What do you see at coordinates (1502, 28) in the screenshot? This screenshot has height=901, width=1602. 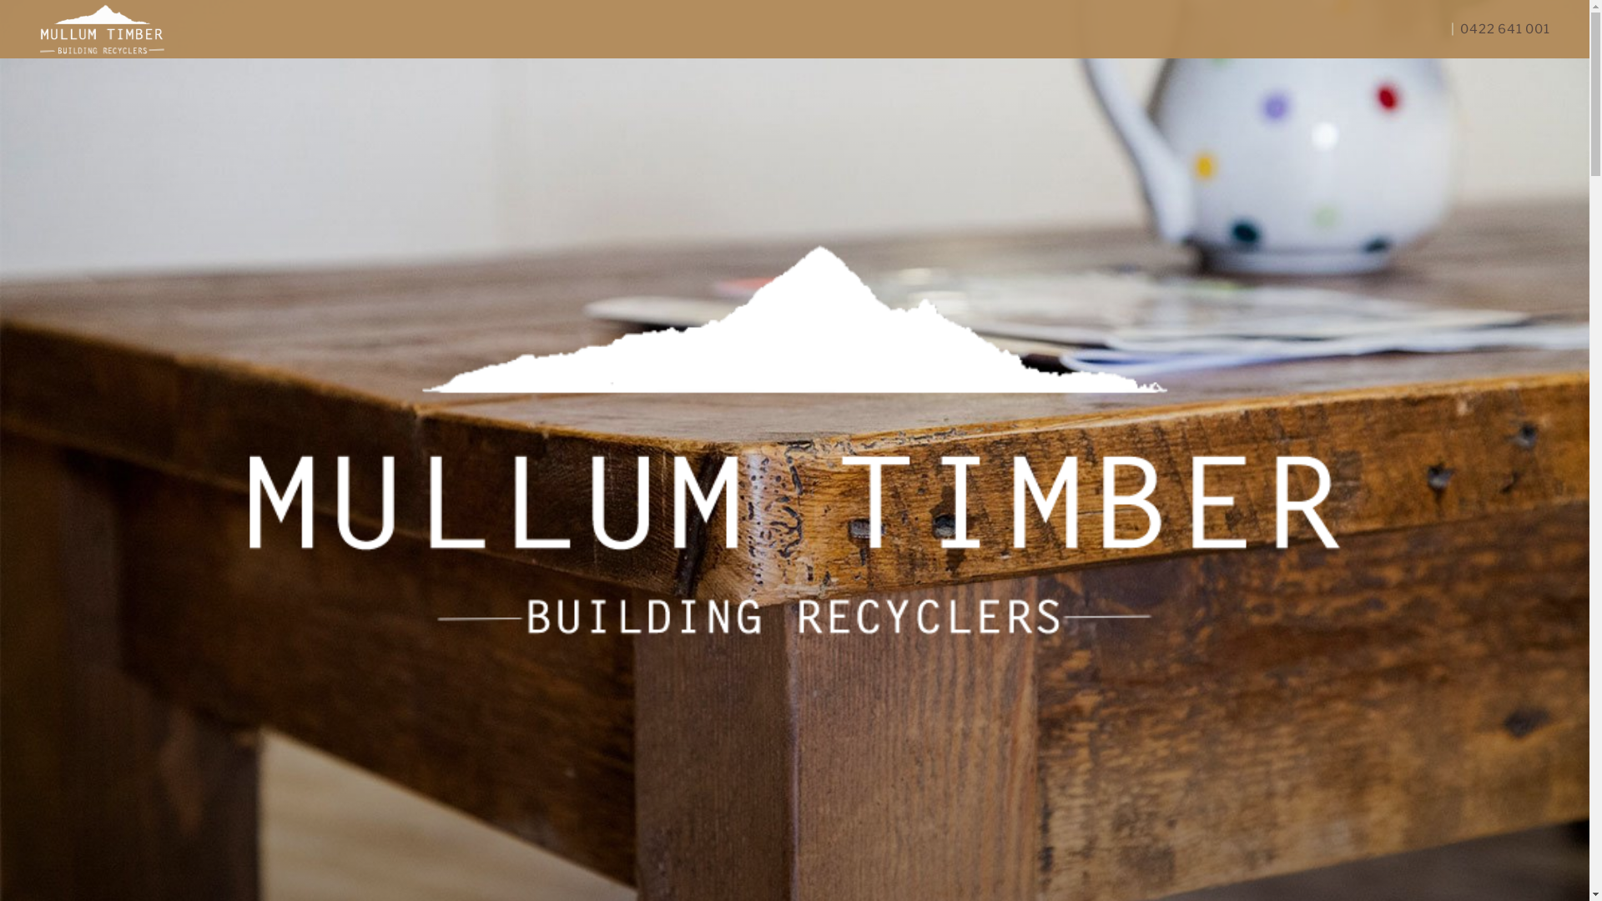 I see `'0422 641 001'` at bounding box center [1502, 28].